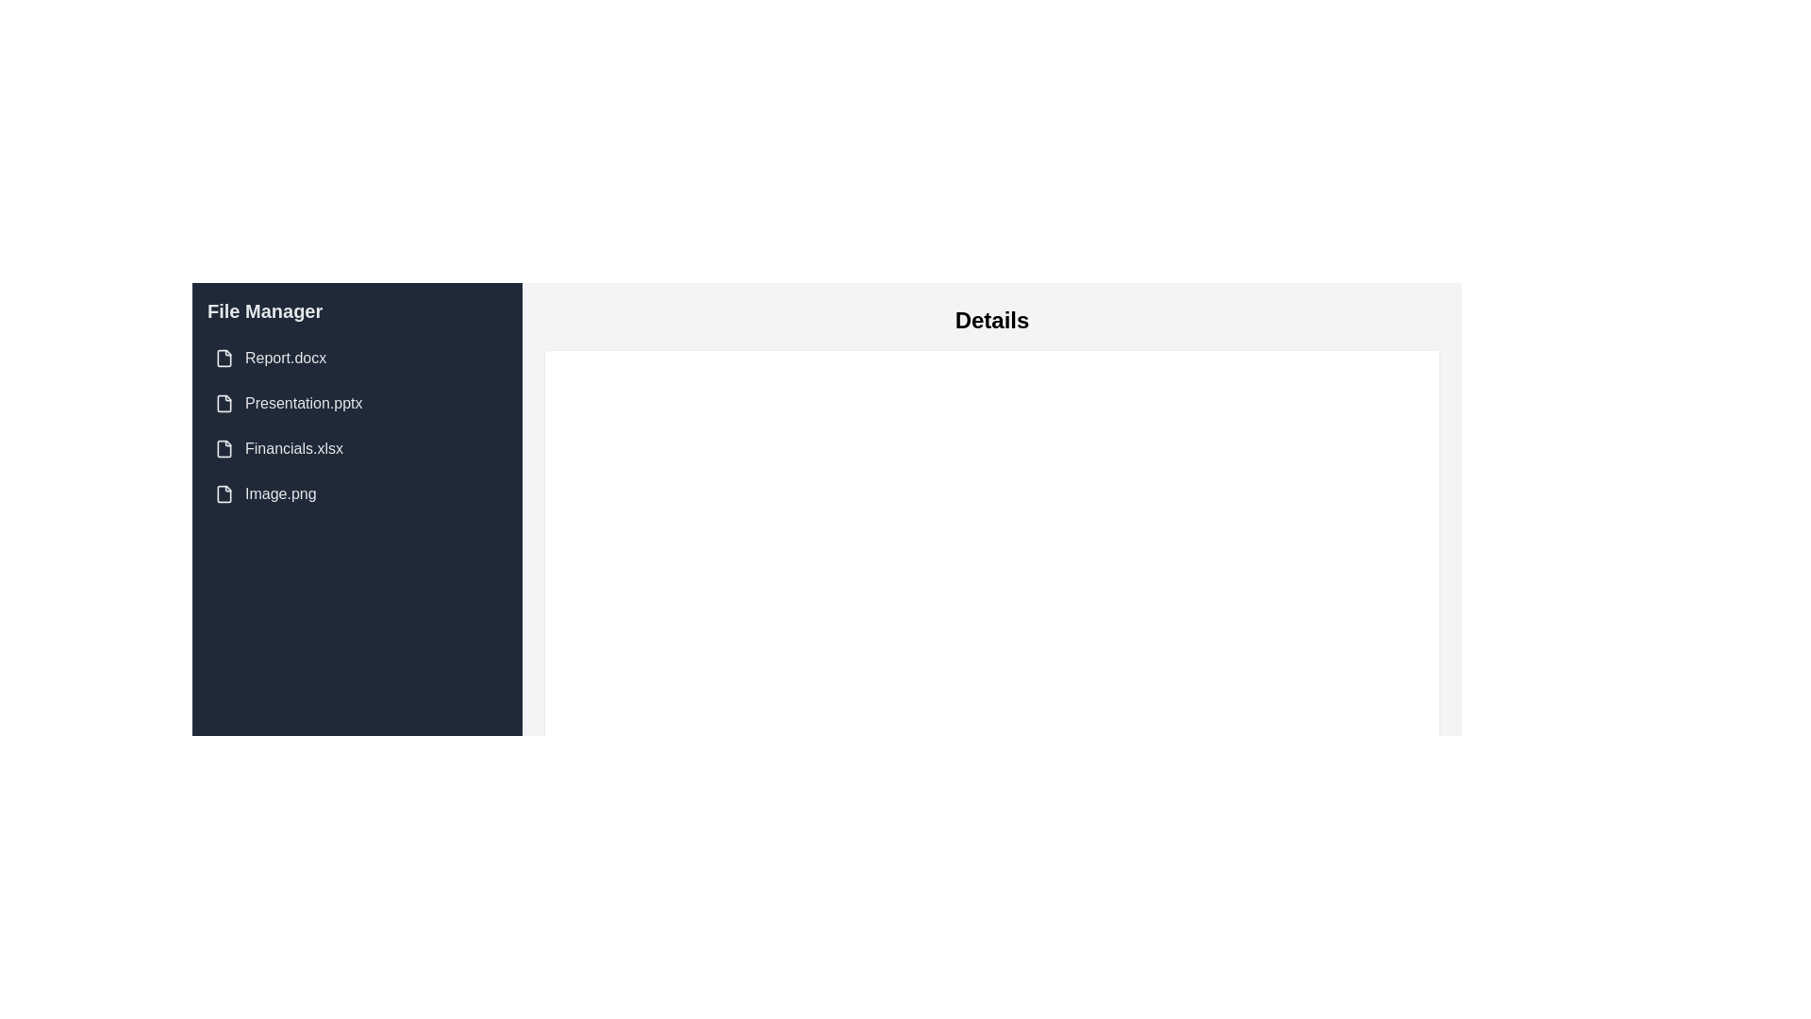  What do you see at coordinates (224, 403) in the screenshot?
I see `the file icon in the third row of the 'File Manager' section, which identifies the text 'Presentation.pptx'` at bounding box center [224, 403].